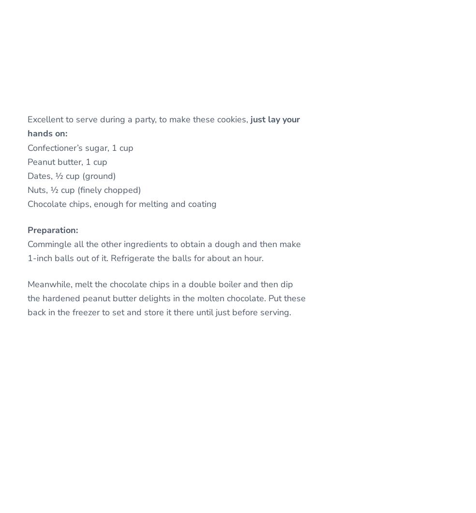  Describe the element at coordinates (52, 230) in the screenshot. I see `'Preparation:'` at that location.